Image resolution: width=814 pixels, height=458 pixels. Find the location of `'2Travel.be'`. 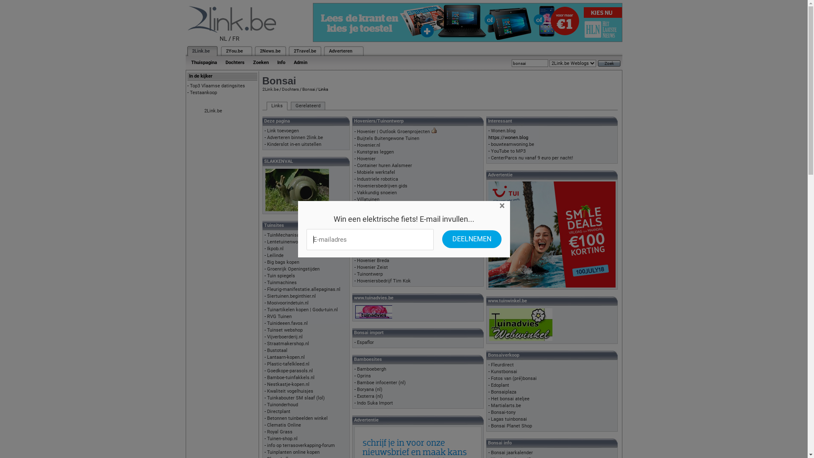

'2Travel.be' is located at coordinates (304, 51).